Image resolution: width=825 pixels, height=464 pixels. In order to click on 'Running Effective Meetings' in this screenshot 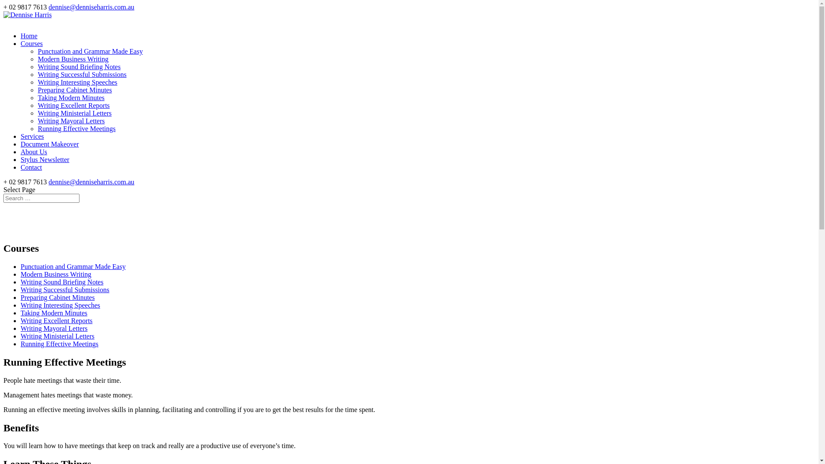, I will do `click(76, 128)`.